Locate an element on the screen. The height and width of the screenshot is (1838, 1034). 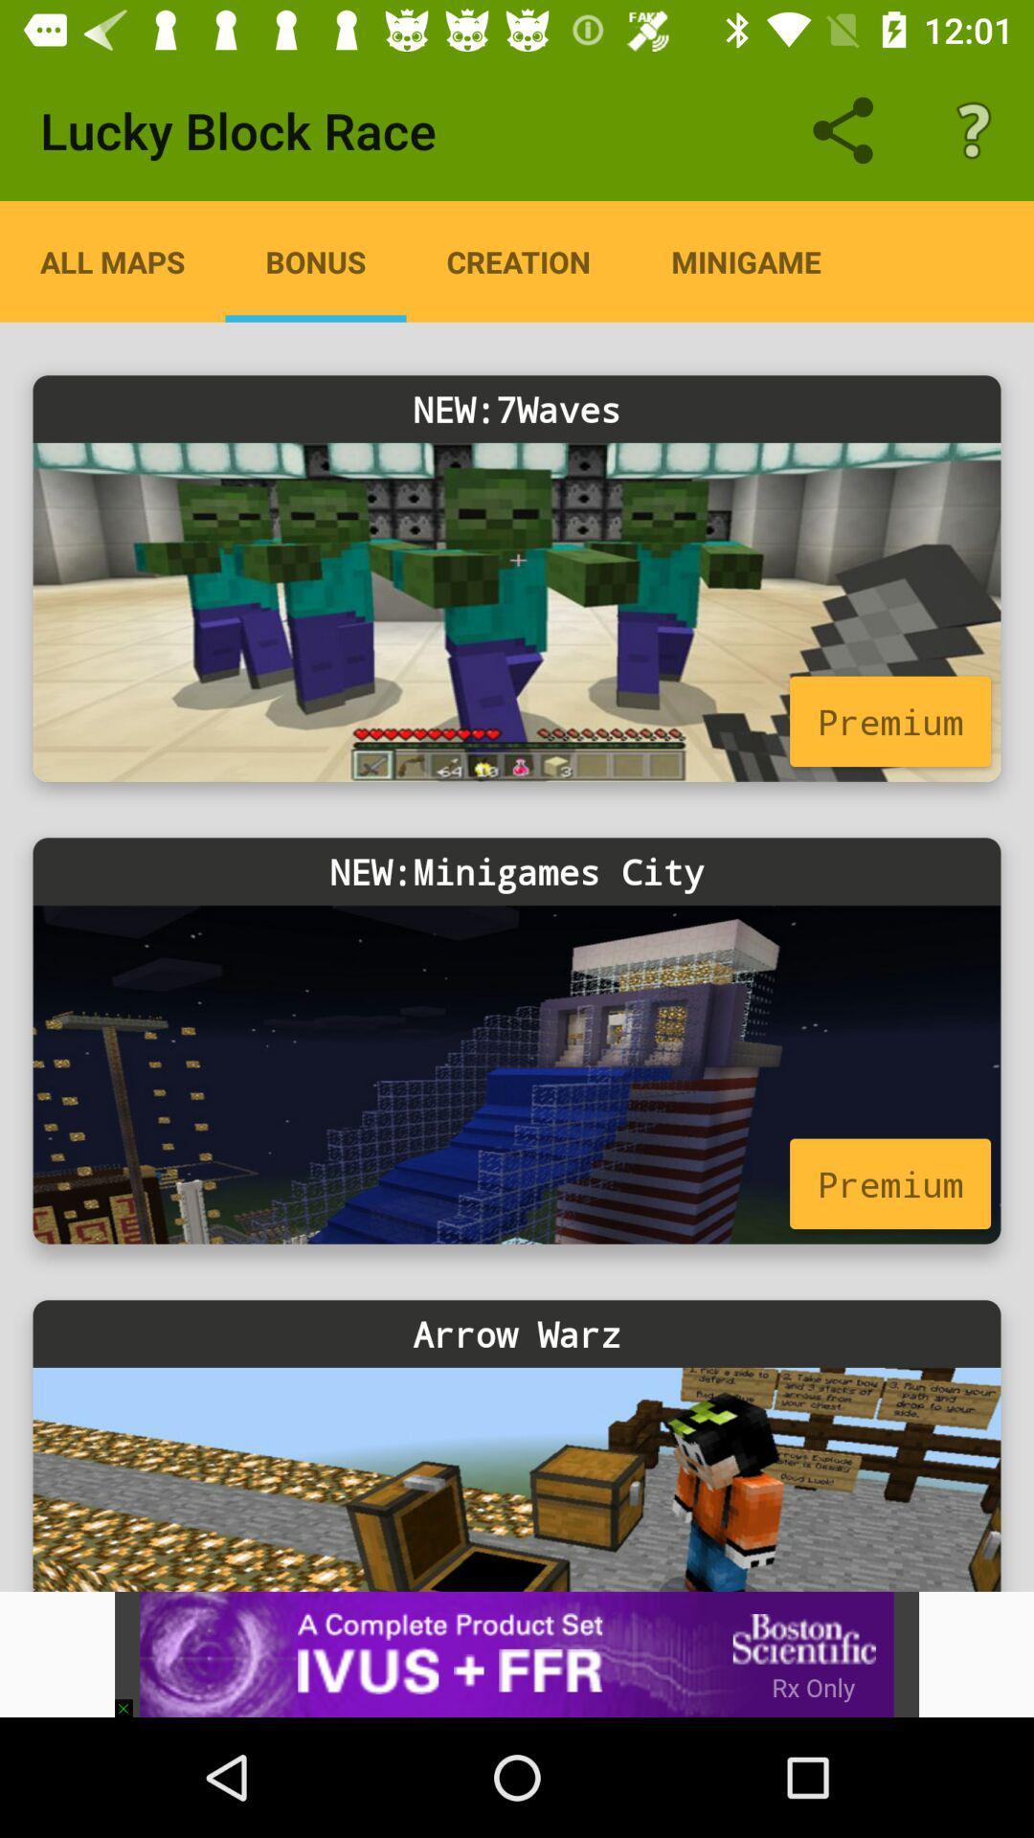
the bonus app is located at coordinates (315, 260).